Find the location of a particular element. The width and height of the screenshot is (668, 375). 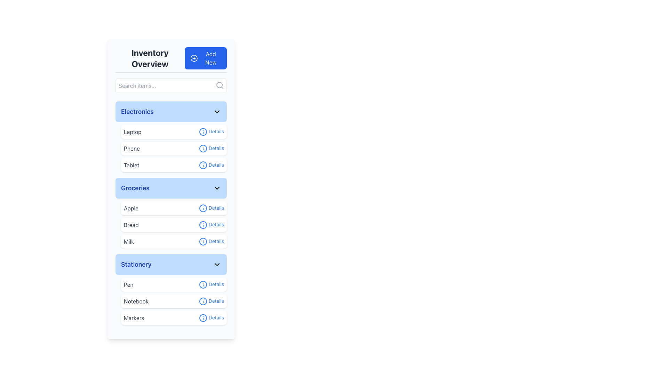

the Dropdown Toggle Icon, which is a downward-pointing chevron icon located at the far right of the 'Stationery' header, to trigger any hover effects is located at coordinates (217, 265).